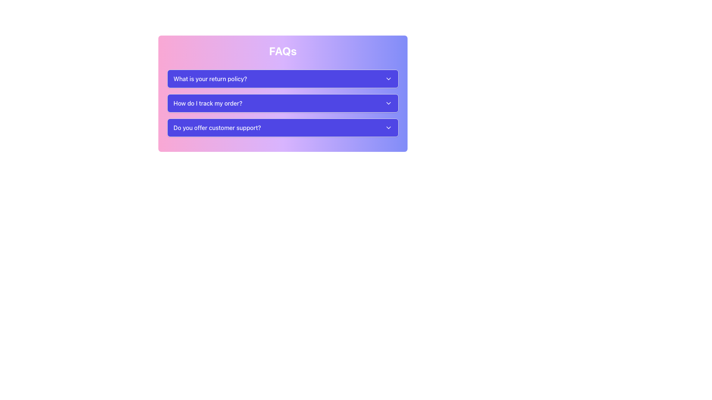 The height and width of the screenshot is (400, 712). I want to click on the text label displaying 'Do you offer customer support?' that is positioned at the bottom of the FAQs section with a blue background, so click(217, 127).